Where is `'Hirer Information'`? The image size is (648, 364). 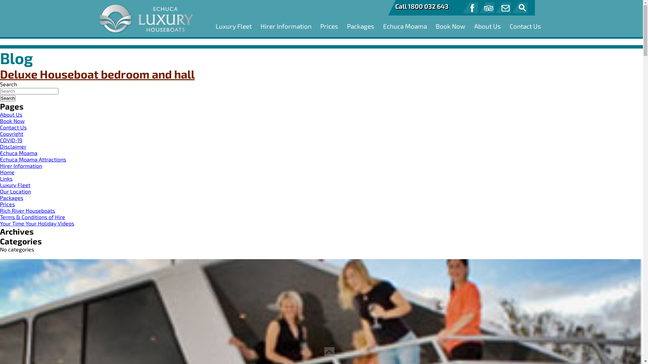 'Hirer Information' is located at coordinates (21, 165).